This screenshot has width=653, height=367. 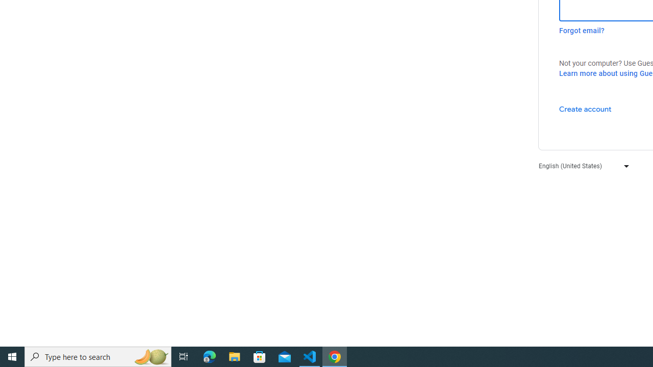 What do you see at coordinates (582, 30) in the screenshot?
I see `'Forgot email?'` at bounding box center [582, 30].